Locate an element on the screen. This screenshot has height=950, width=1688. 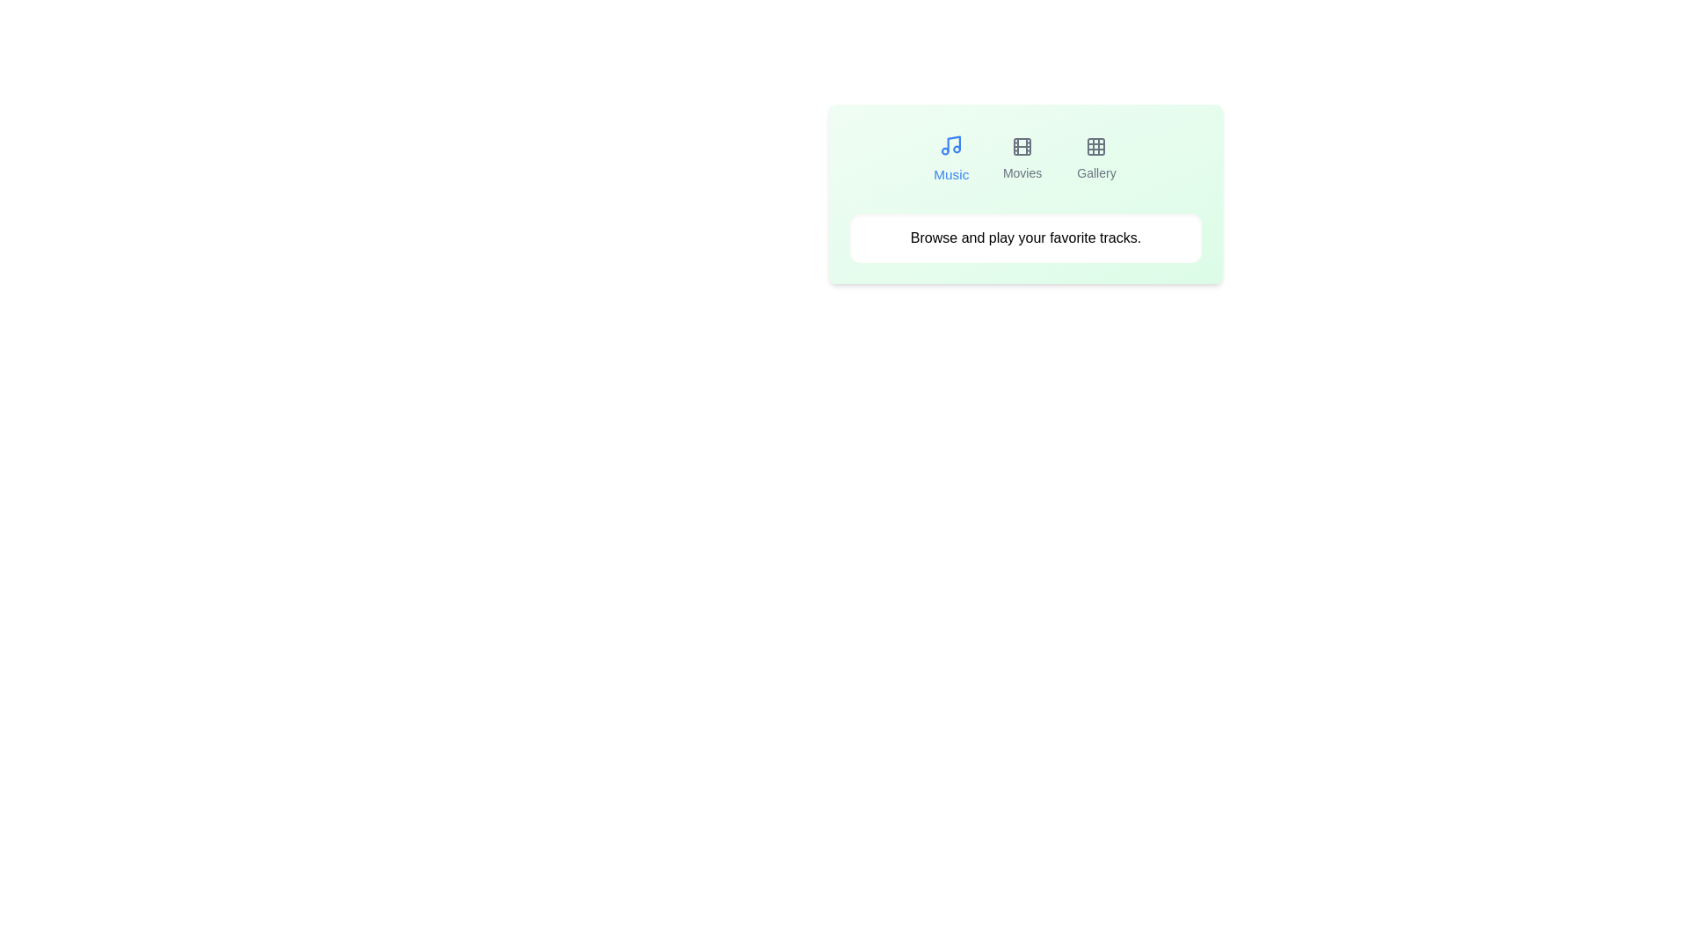
the Movies tab to inspect its visual design is located at coordinates (1022, 159).